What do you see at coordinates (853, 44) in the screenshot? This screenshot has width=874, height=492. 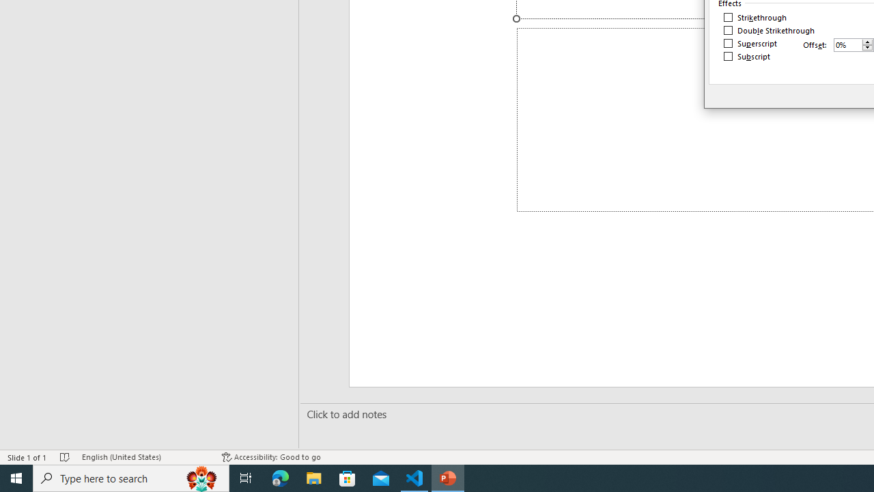 I see `'Offset'` at bounding box center [853, 44].